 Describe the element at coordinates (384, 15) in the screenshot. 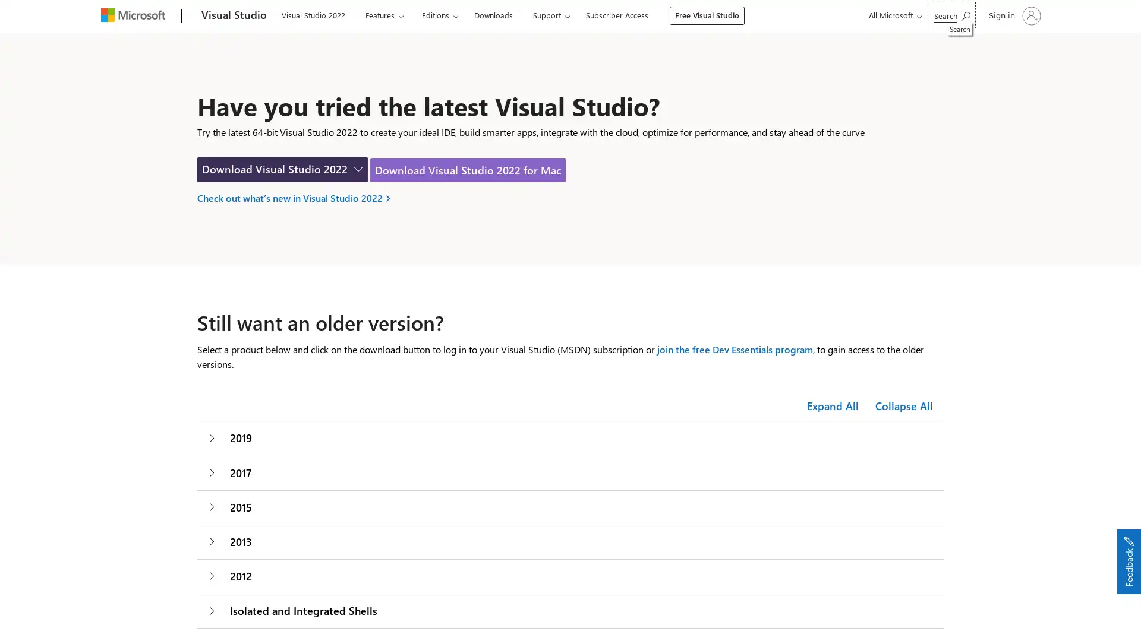

I see `Features` at that location.